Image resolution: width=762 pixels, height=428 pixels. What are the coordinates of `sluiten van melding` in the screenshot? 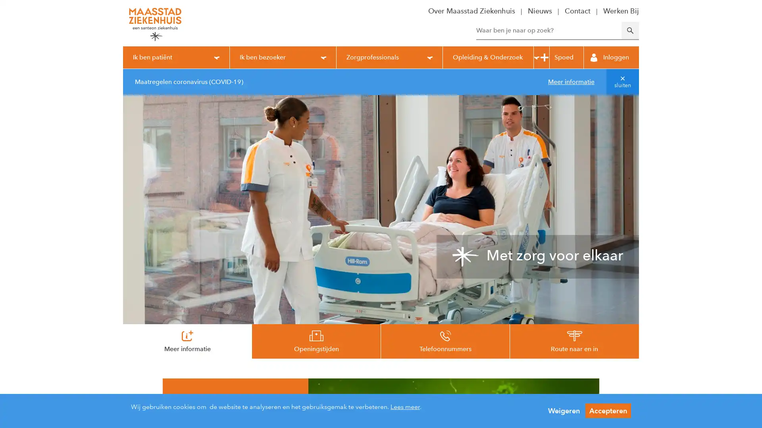 It's located at (622, 82).